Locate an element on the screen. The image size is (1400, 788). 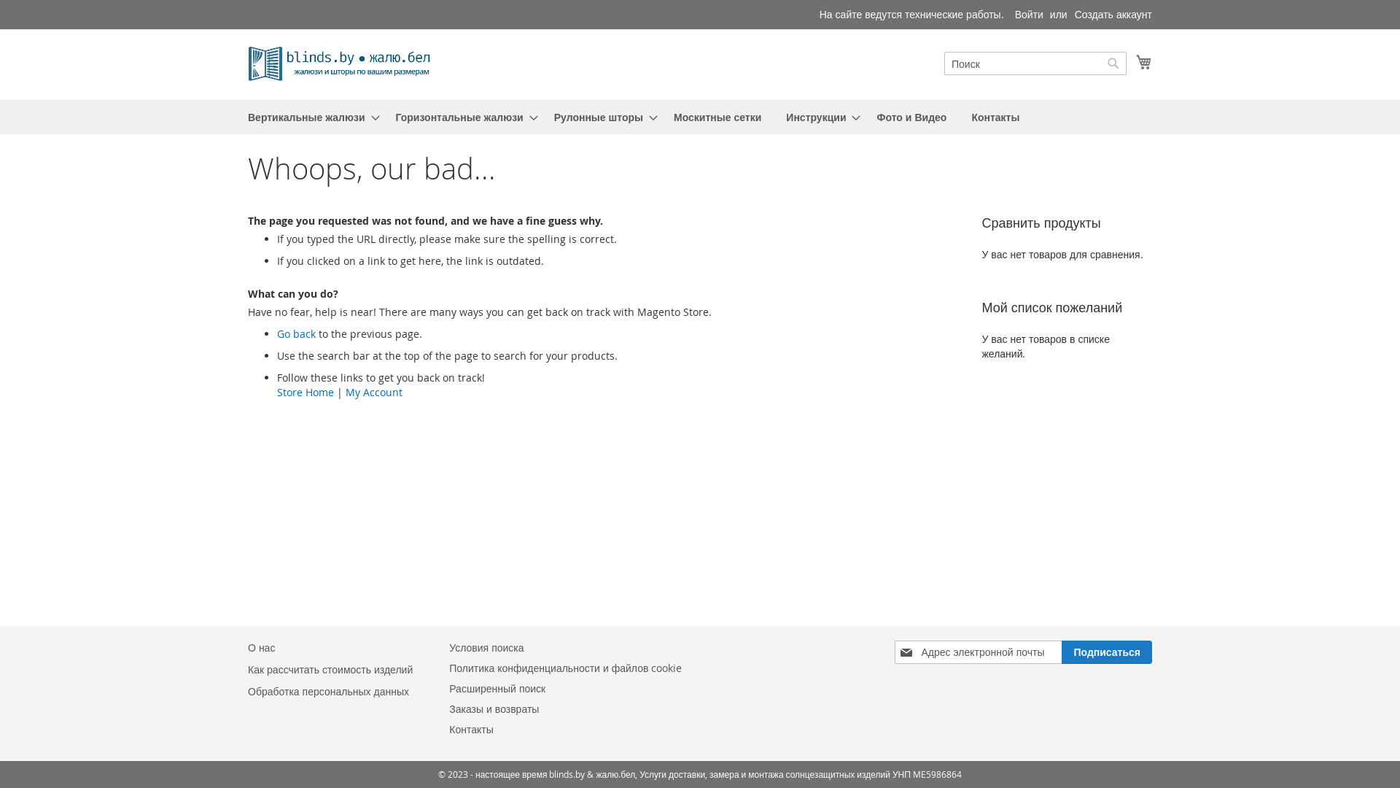
'Store Home' is located at coordinates (304, 391).